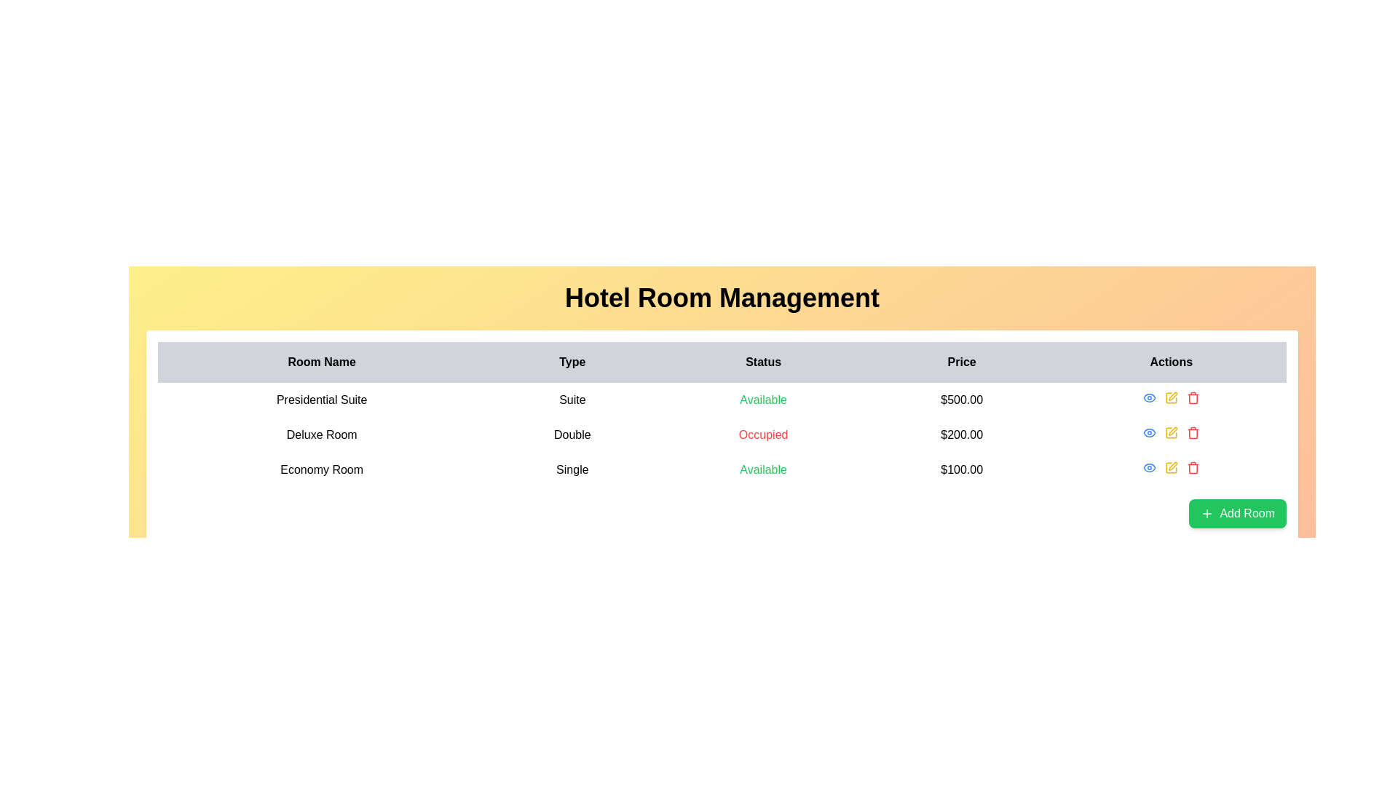 Image resolution: width=1398 pixels, height=786 pixels. What do you see at coordinates (1207, 512) in the screenshot?
I see `the 'add' icon located to the left of the 'Add Room' text button` at bounding box center [1207, 512].